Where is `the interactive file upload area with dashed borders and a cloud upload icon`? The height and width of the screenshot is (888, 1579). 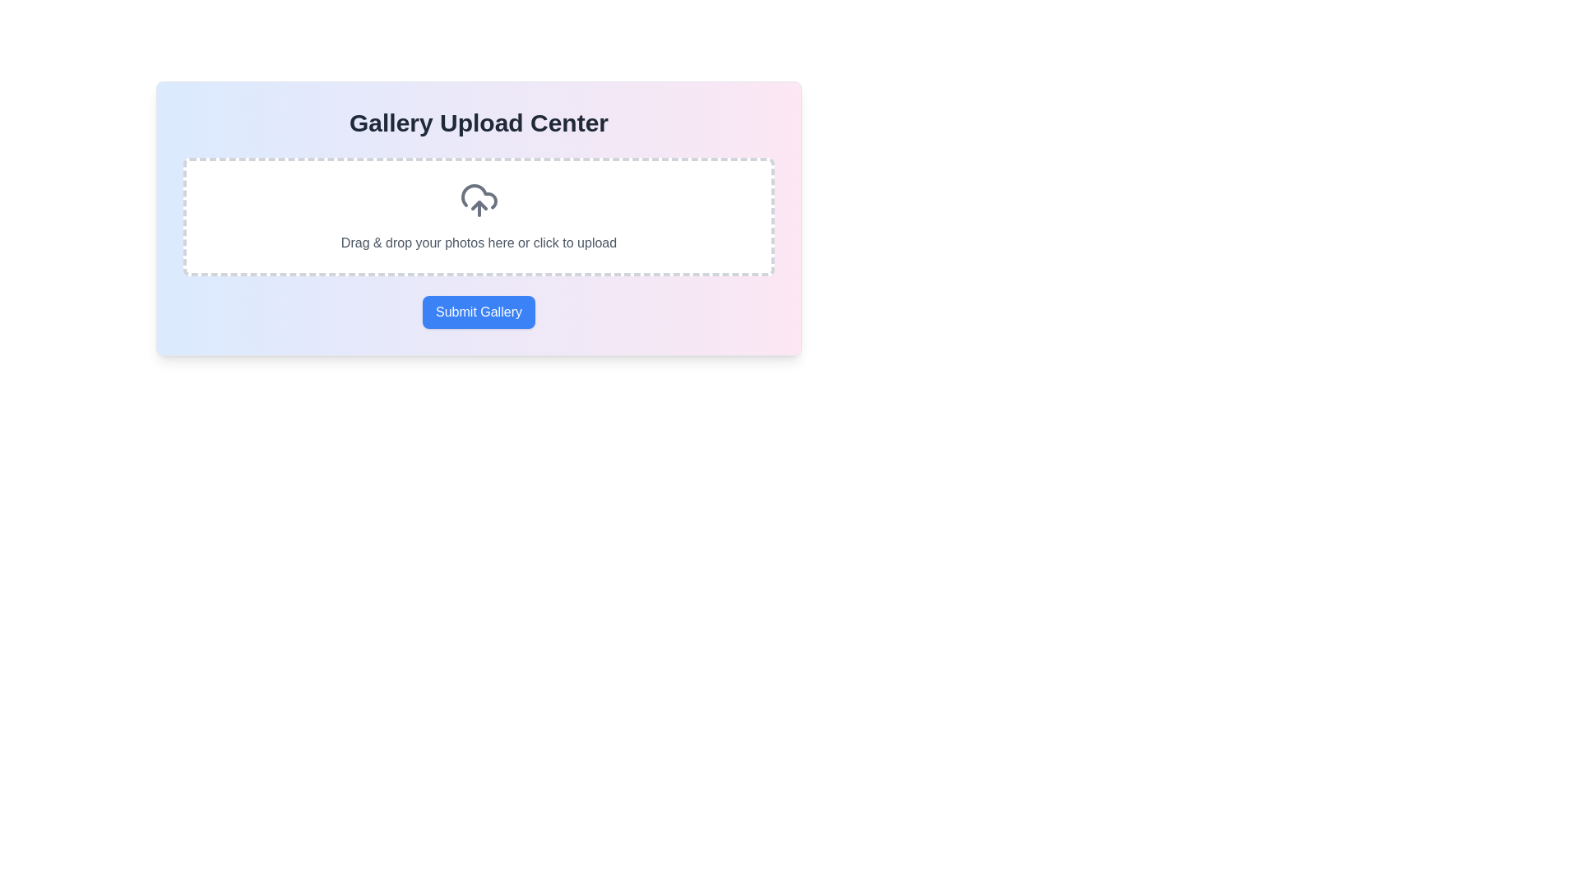
the interactive file upload area with dashed borders and a cloud upload icon is located at coordinates (478, 215).